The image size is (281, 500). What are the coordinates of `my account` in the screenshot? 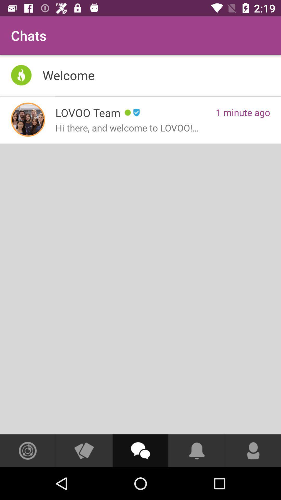 It's located at (253, 451).